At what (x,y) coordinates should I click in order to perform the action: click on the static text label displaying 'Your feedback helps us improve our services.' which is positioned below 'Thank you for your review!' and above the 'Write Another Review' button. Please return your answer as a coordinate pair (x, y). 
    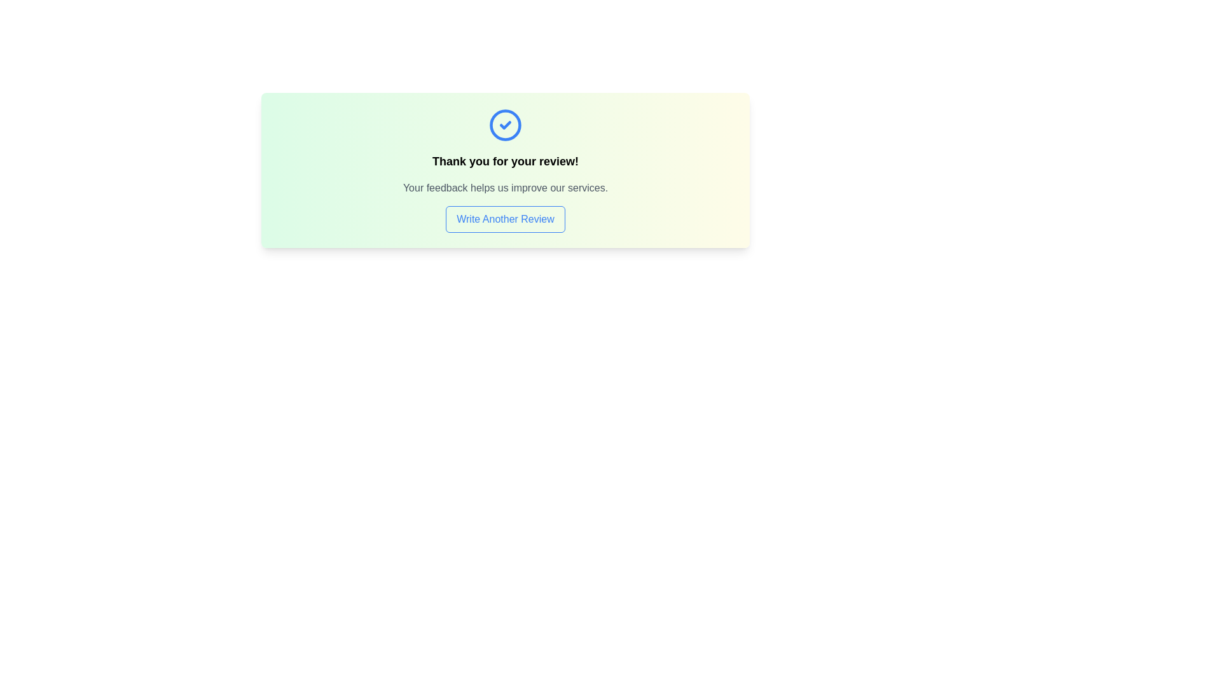
    Looking at the image, I should click on (505, 188).